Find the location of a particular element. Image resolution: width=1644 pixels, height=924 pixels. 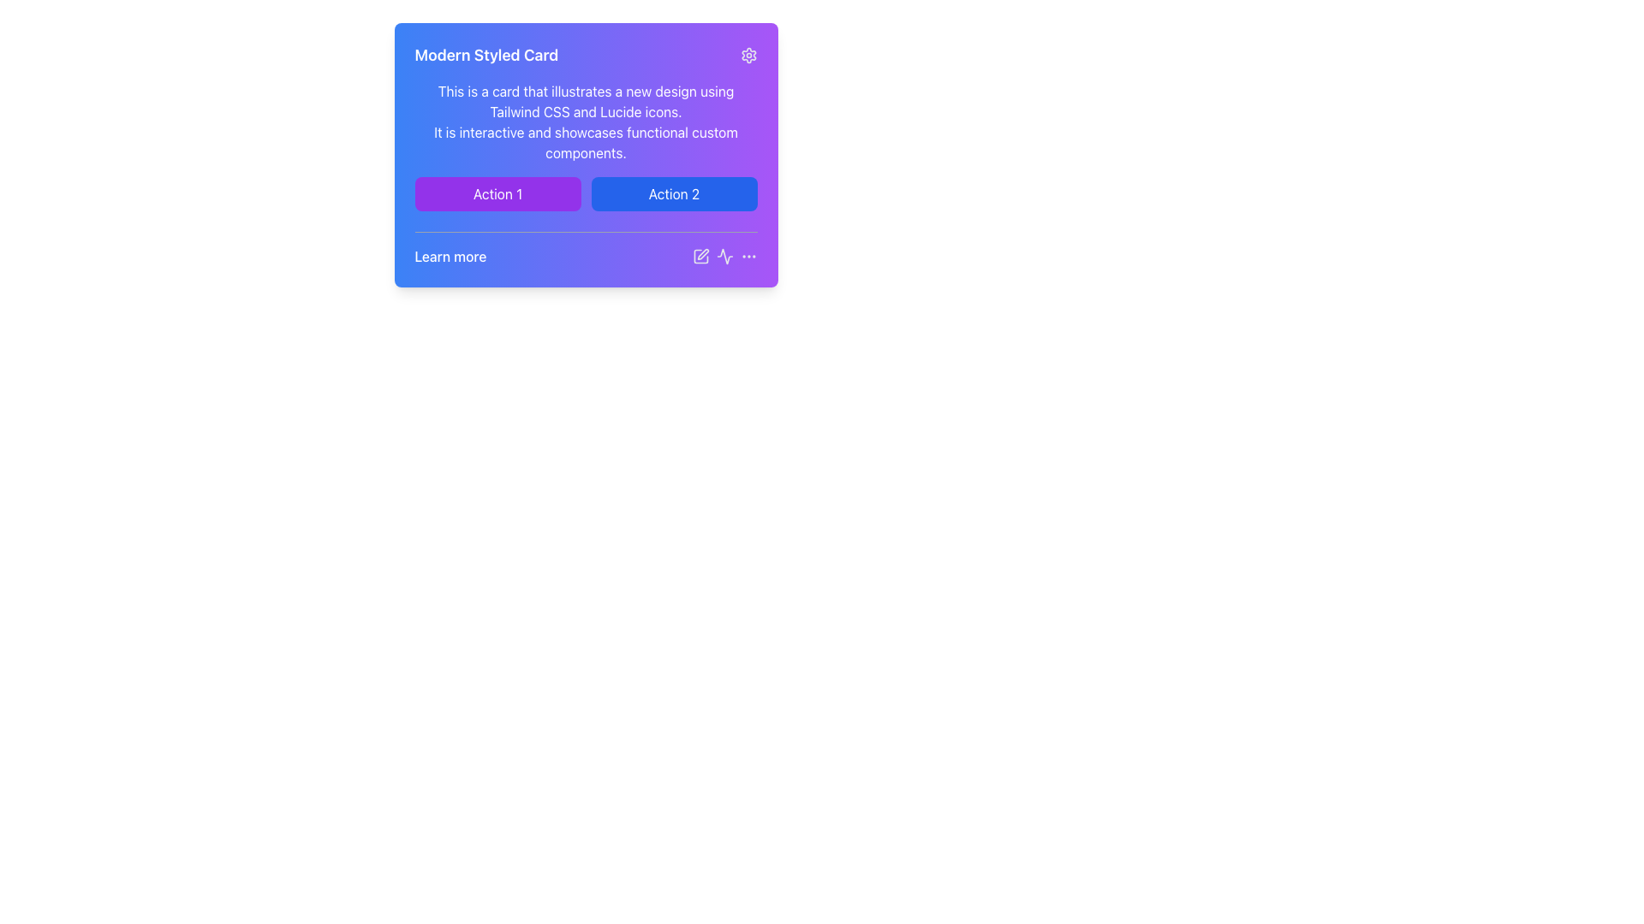

the settings icon located in the upper-right corner of the card, next to the 'Modern Styled Card' text is located at coordinates (748, 55).